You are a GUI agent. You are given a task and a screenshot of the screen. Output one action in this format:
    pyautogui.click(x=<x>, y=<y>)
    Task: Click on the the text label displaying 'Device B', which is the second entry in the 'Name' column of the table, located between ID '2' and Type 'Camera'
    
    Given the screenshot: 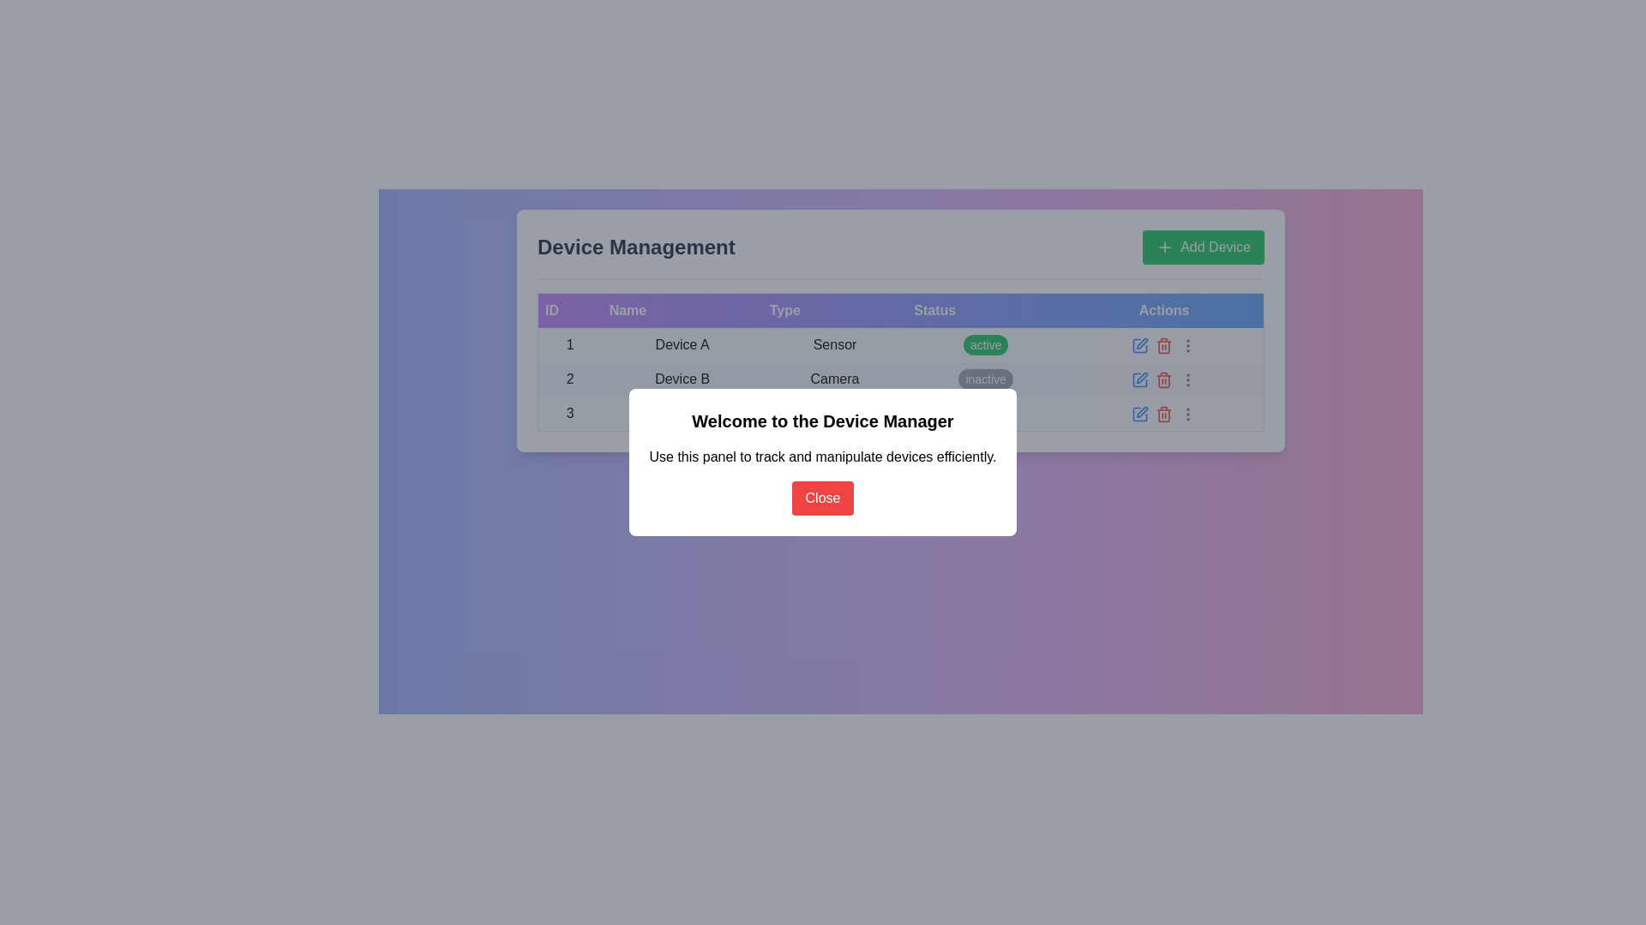 What is the action you would take?
    pyautogui.click(x=682, y=379)
    